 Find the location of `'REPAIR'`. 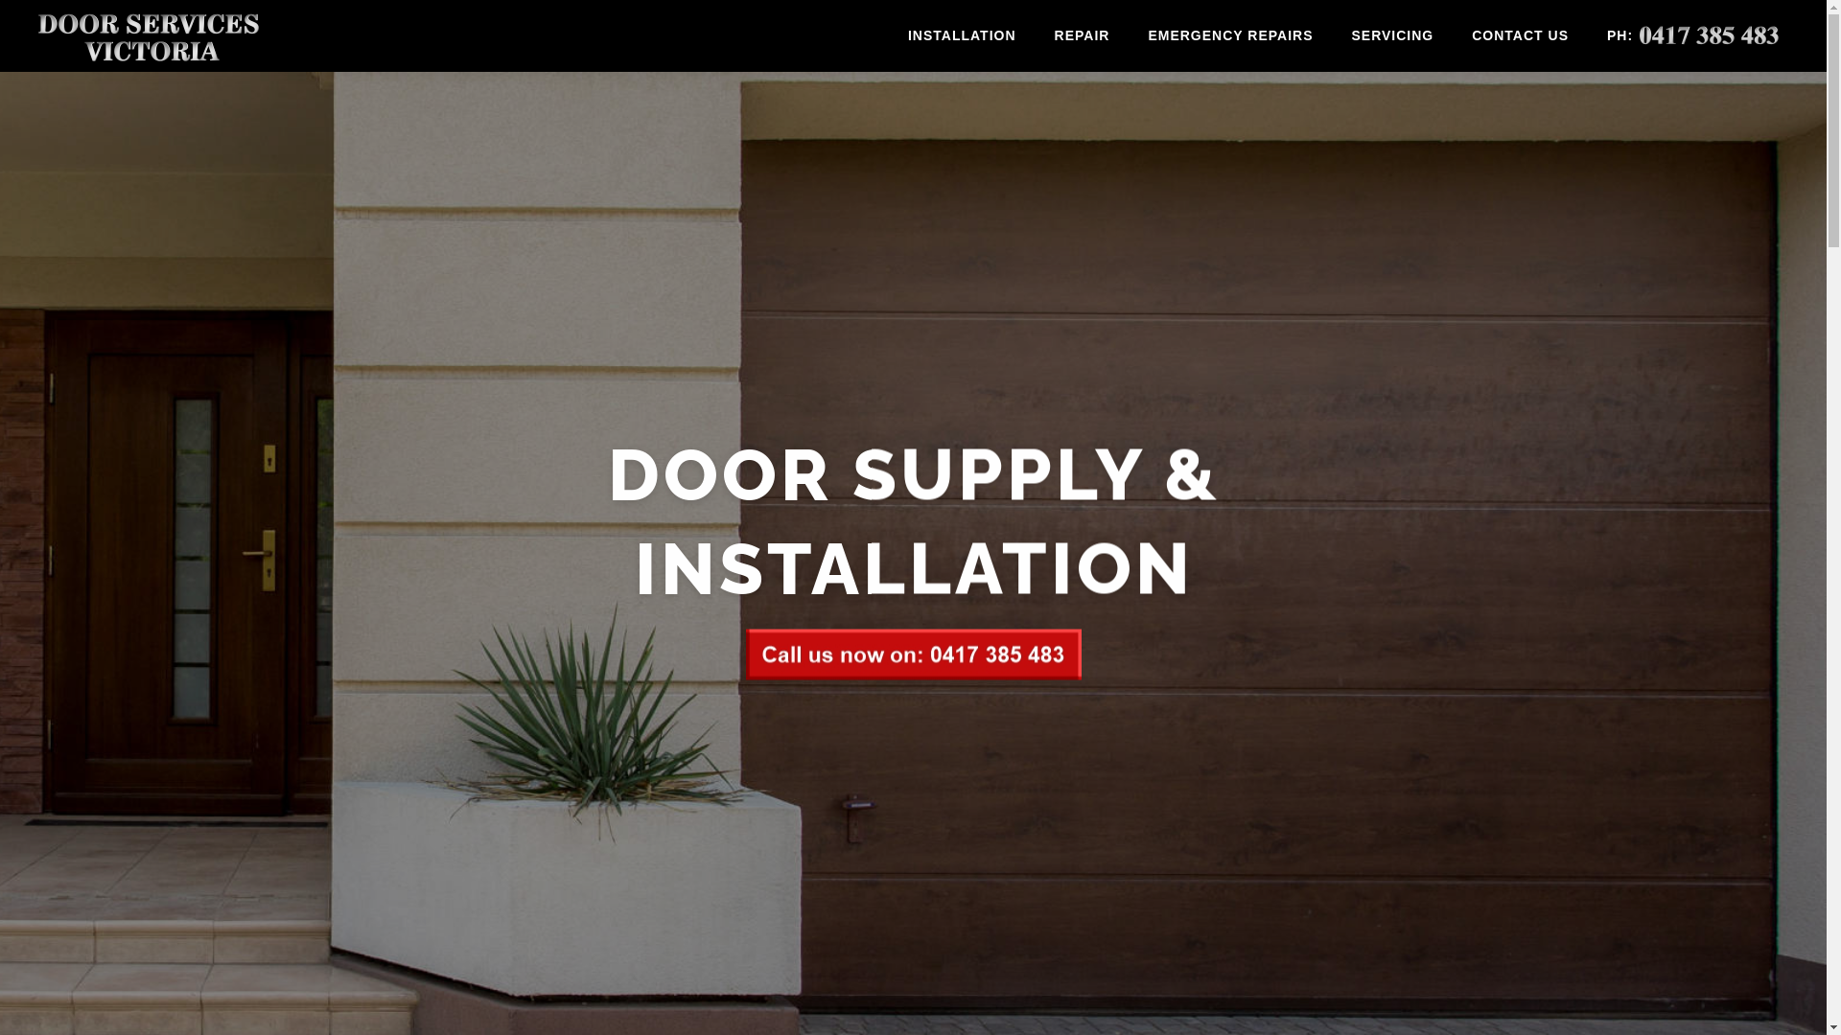

'REPAIR' is located at coordinates (1082, 35).